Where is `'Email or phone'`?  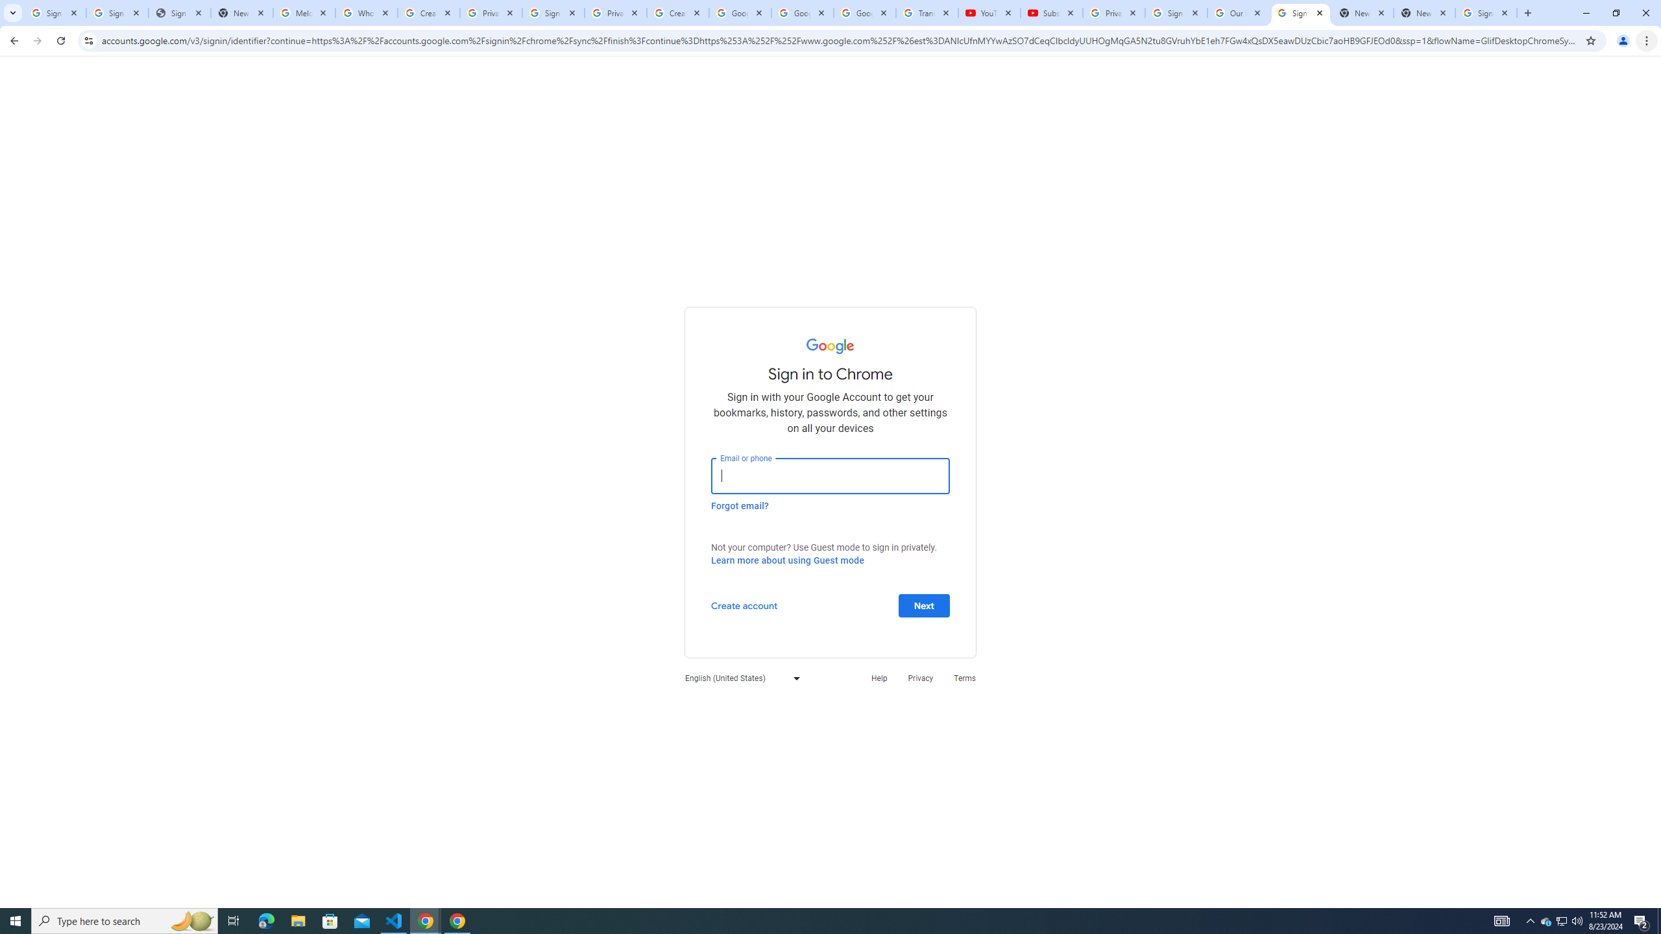
'Email or phone' is located at coordinates (830, 475).